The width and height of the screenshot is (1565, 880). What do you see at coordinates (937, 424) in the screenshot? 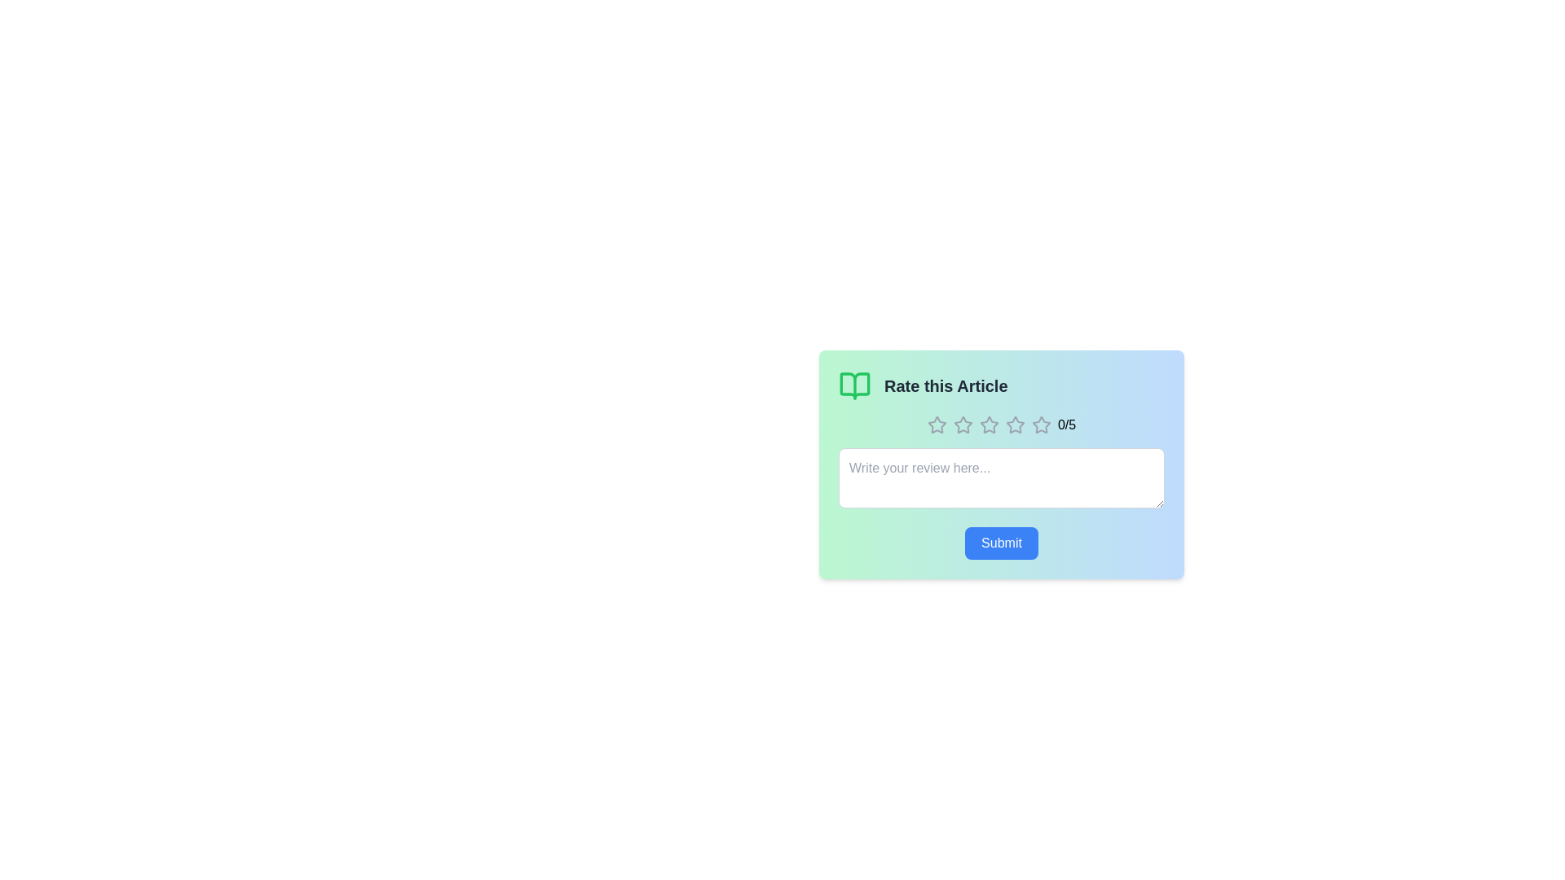
I see `the star corresponding to the rating 1` at bounding box center [937, 424].